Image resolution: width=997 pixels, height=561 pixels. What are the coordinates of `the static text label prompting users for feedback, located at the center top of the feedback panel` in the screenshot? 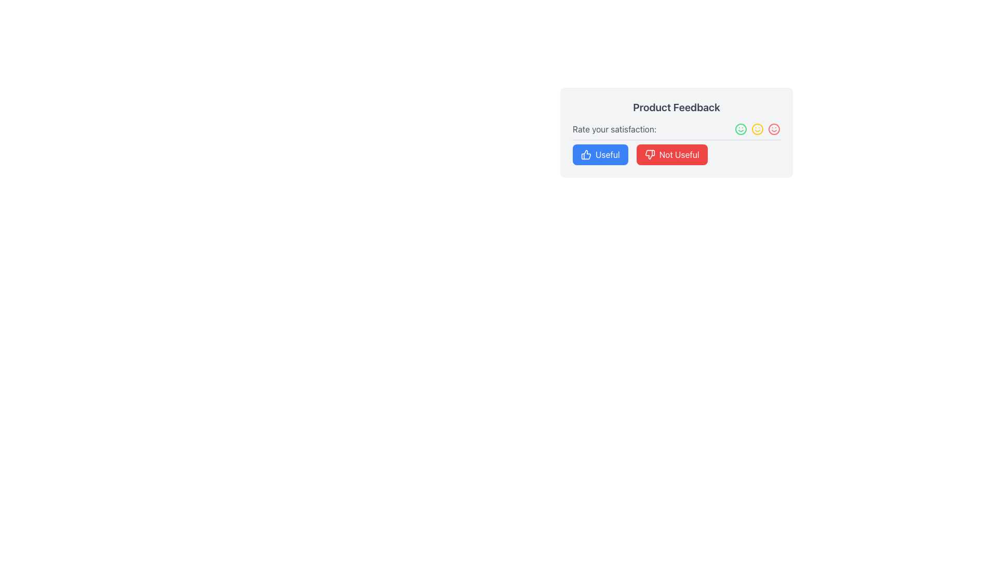 It's located at (614, 129).